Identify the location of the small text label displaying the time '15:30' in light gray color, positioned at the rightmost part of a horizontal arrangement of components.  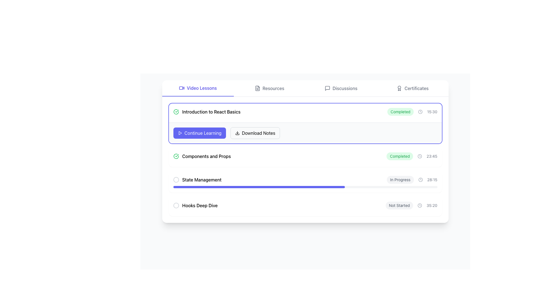
(432, 112).